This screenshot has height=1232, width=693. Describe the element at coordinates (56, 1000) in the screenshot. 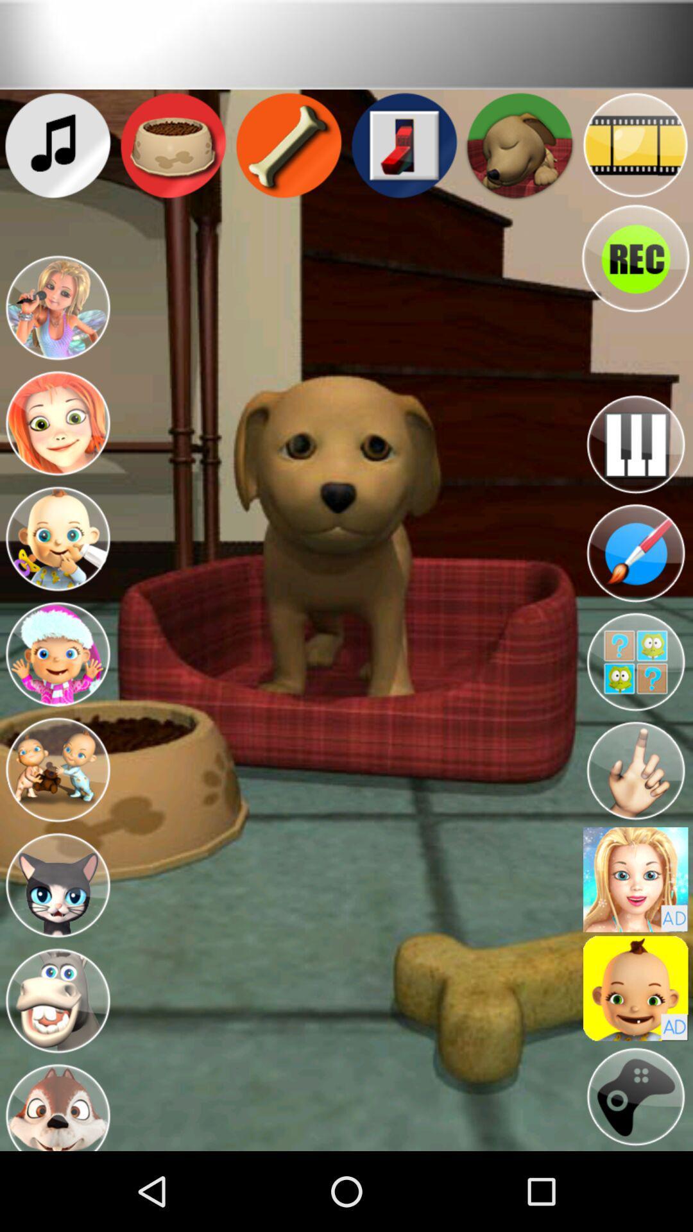

I see `switch to hippo character` at that location.